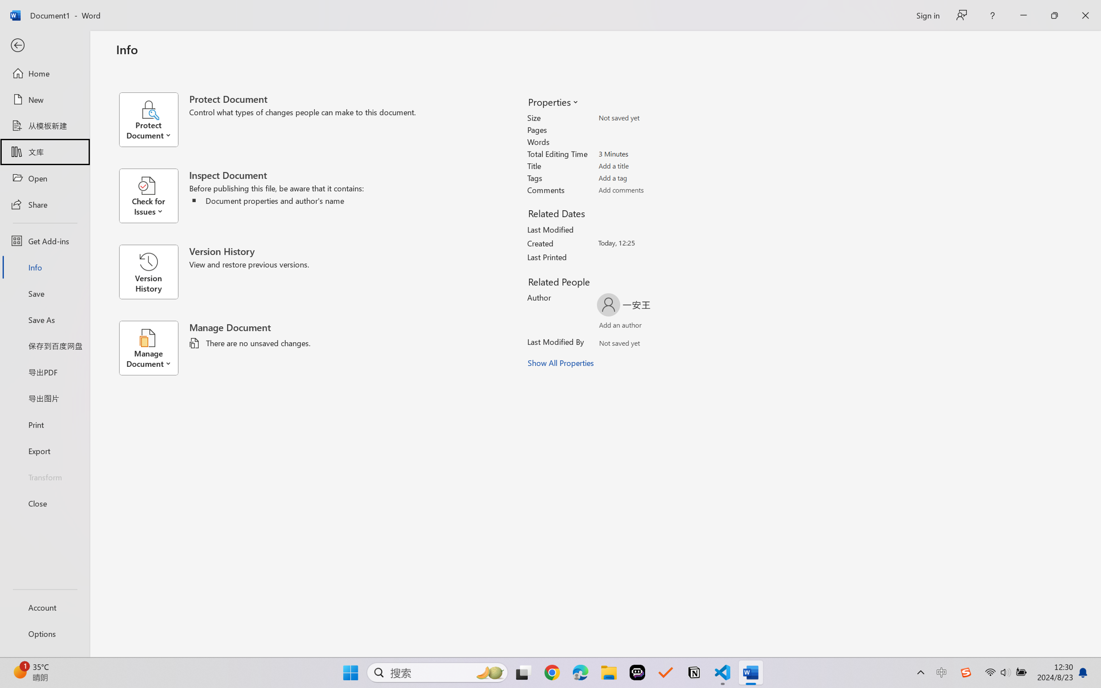 Image resolution: width=1101 pixels, height=688 pixels. What do you see at coordinates (153, 348) in the screenshot?
I see `'Manage Document'` at bounding box center [153, 348].